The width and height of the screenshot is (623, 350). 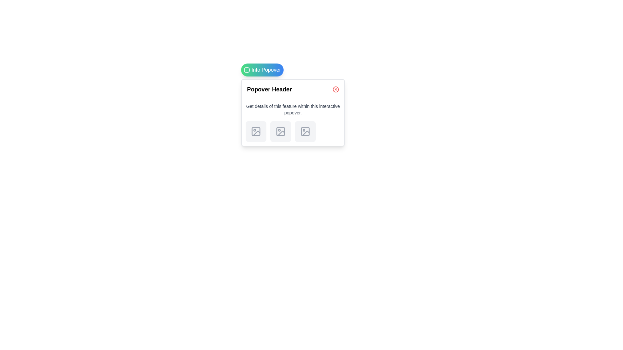 What do you see at coordinates (293, 109) in the screenshot?
I see `the static text element that presents the message 'Get details of this feature within this interactive popover.' which is displayed in gray, small-sized font, located below the 'Popover Header' and above three graphical icons` at bounding box center [293, 109].